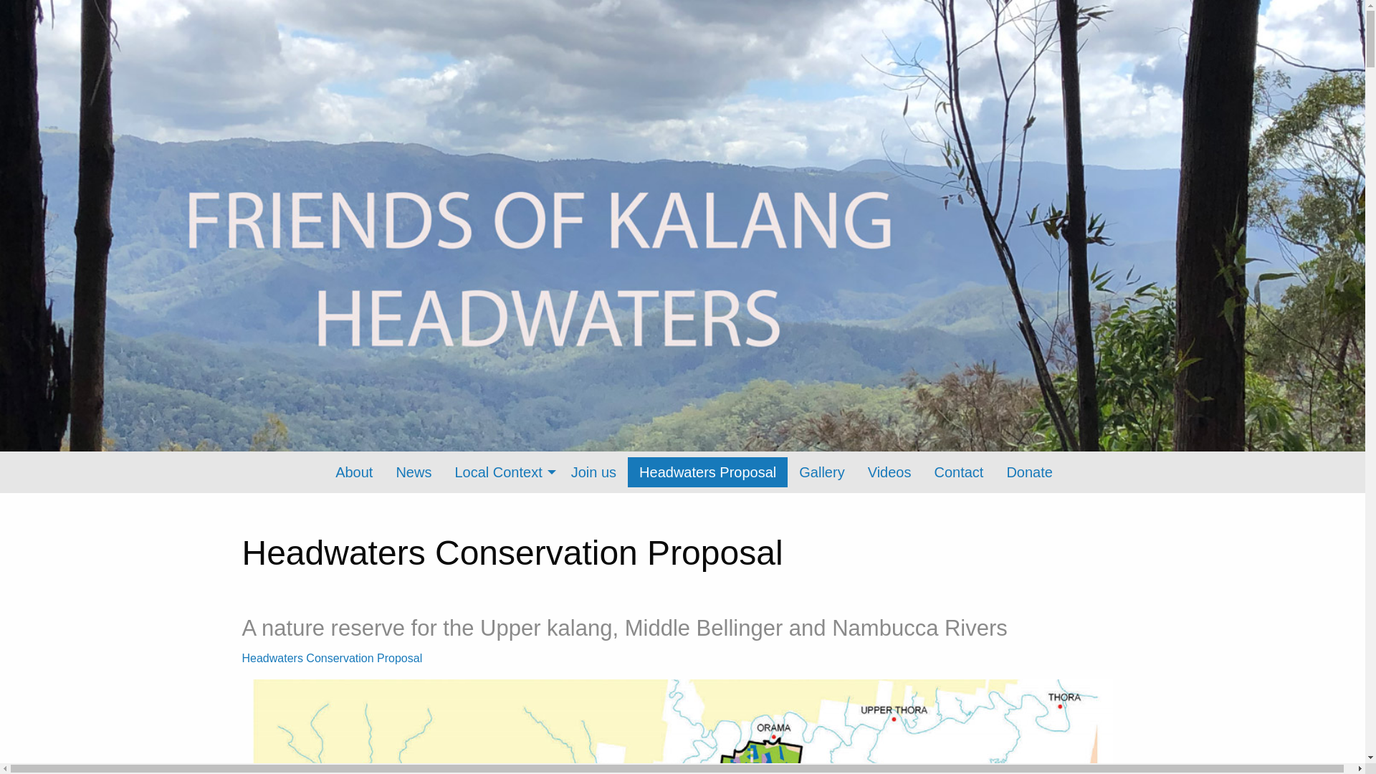 The height and width of the screenshot is (774, 1376). What do you see at coordinates (787, 472) in the screenshot?
I see `'Gallery'` at bounding box center [787, 472].